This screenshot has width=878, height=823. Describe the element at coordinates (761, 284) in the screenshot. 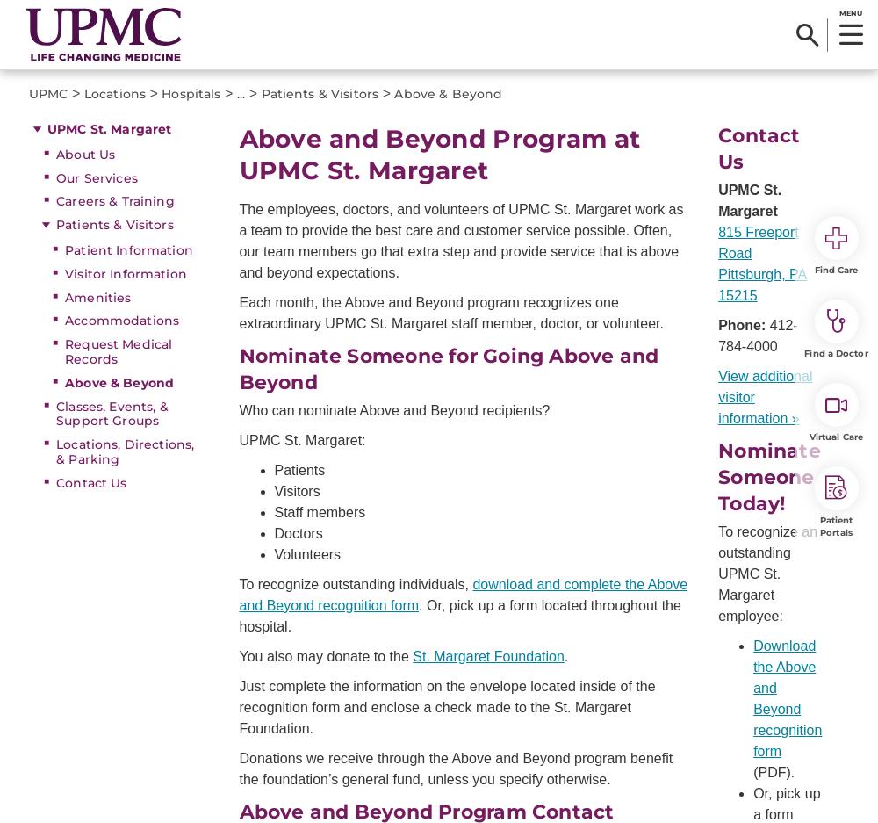

I see `'Pittsburgh, PA 15215'` at that location.